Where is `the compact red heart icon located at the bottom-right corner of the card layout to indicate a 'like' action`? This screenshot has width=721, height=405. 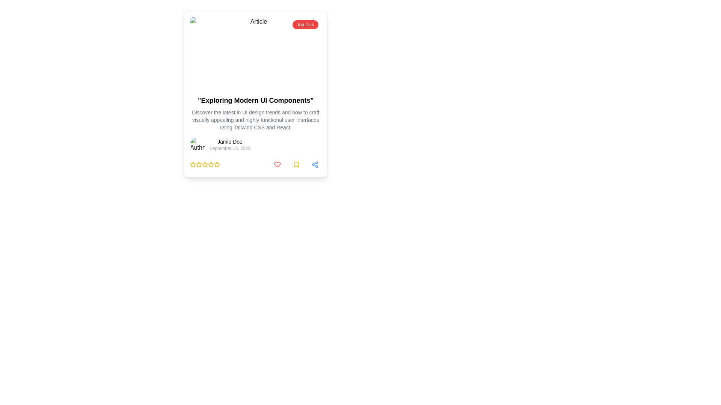
the compact red heart icon located at the bottom-right corner of the card layout to indicate a 'like' action is located at coordinates (277, 164).